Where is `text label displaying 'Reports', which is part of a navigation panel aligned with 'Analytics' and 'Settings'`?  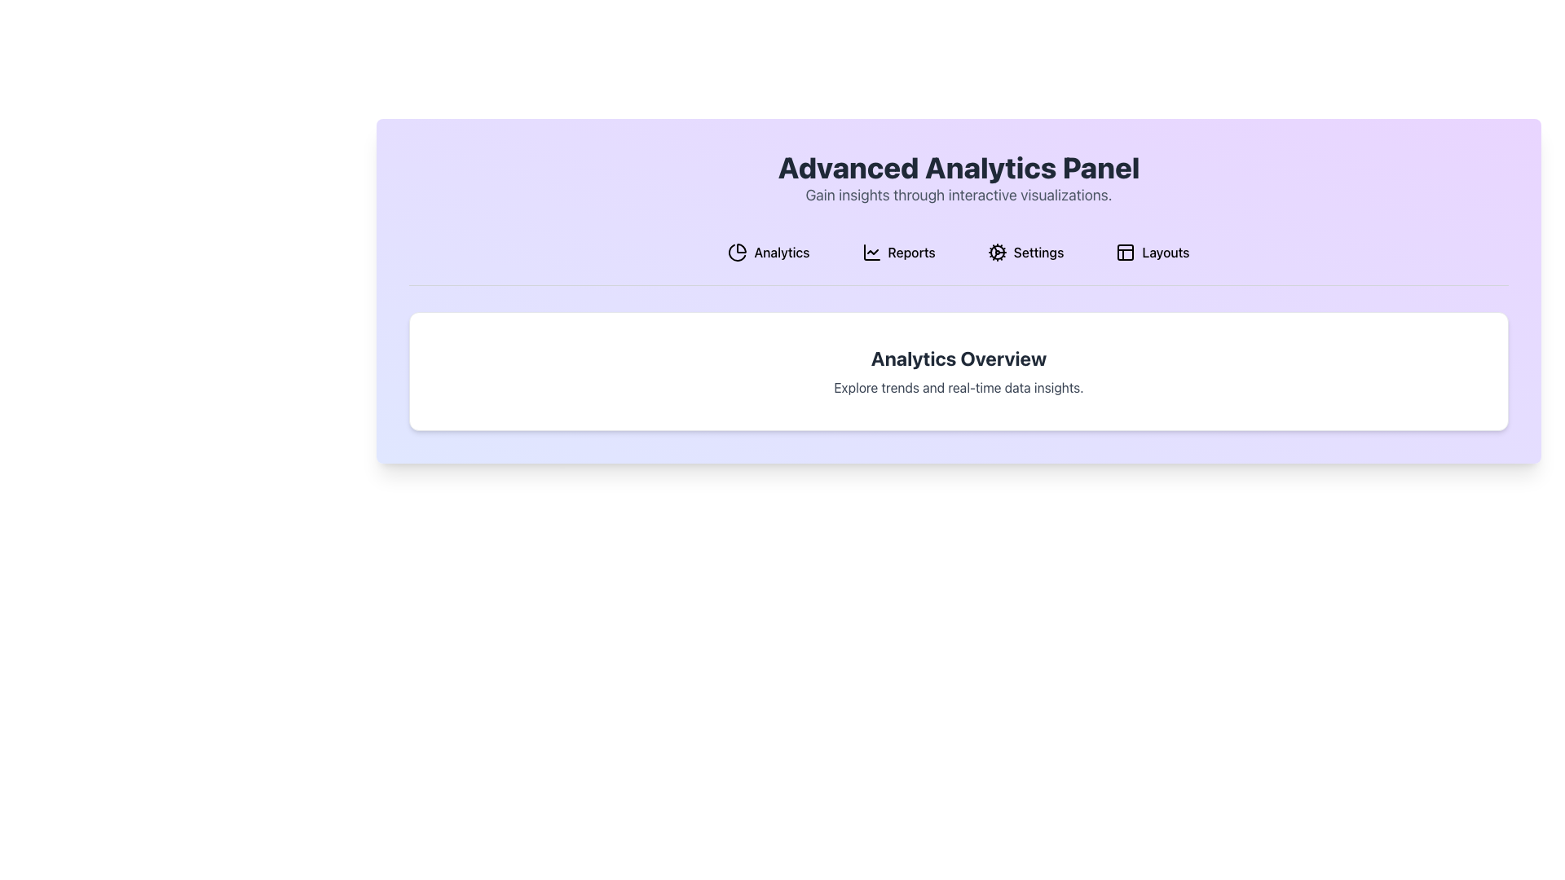
text label displaying 'Reports', which is part of a navigation panel aligned with 'Analytics' and 'Settings' is located at coordinates (910, 252).